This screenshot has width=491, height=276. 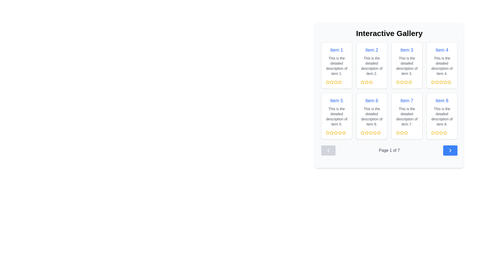 What do you see at coordinates (372, 100) in the screenshot?
I see `the 'Item 6' label, which is a prominent blue text in bold font located in the third column of the second row in a grid layout of cards` at bounding box center [372, 100].